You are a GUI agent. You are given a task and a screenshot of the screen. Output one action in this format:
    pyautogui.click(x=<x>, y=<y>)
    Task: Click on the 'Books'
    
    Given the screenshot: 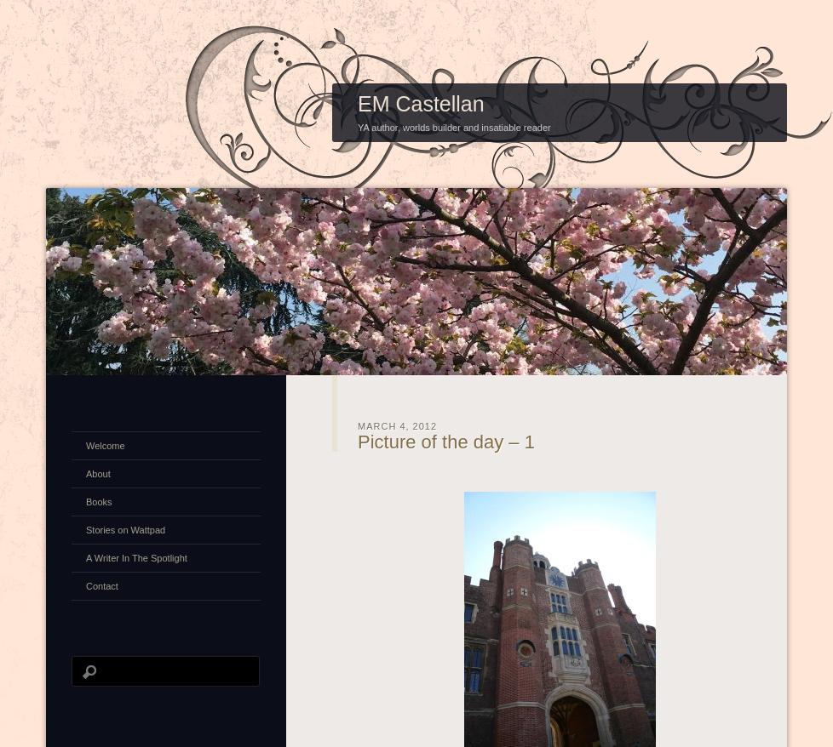 What is the action you would take?
    pyautogui.click(x=86, y=500)
    